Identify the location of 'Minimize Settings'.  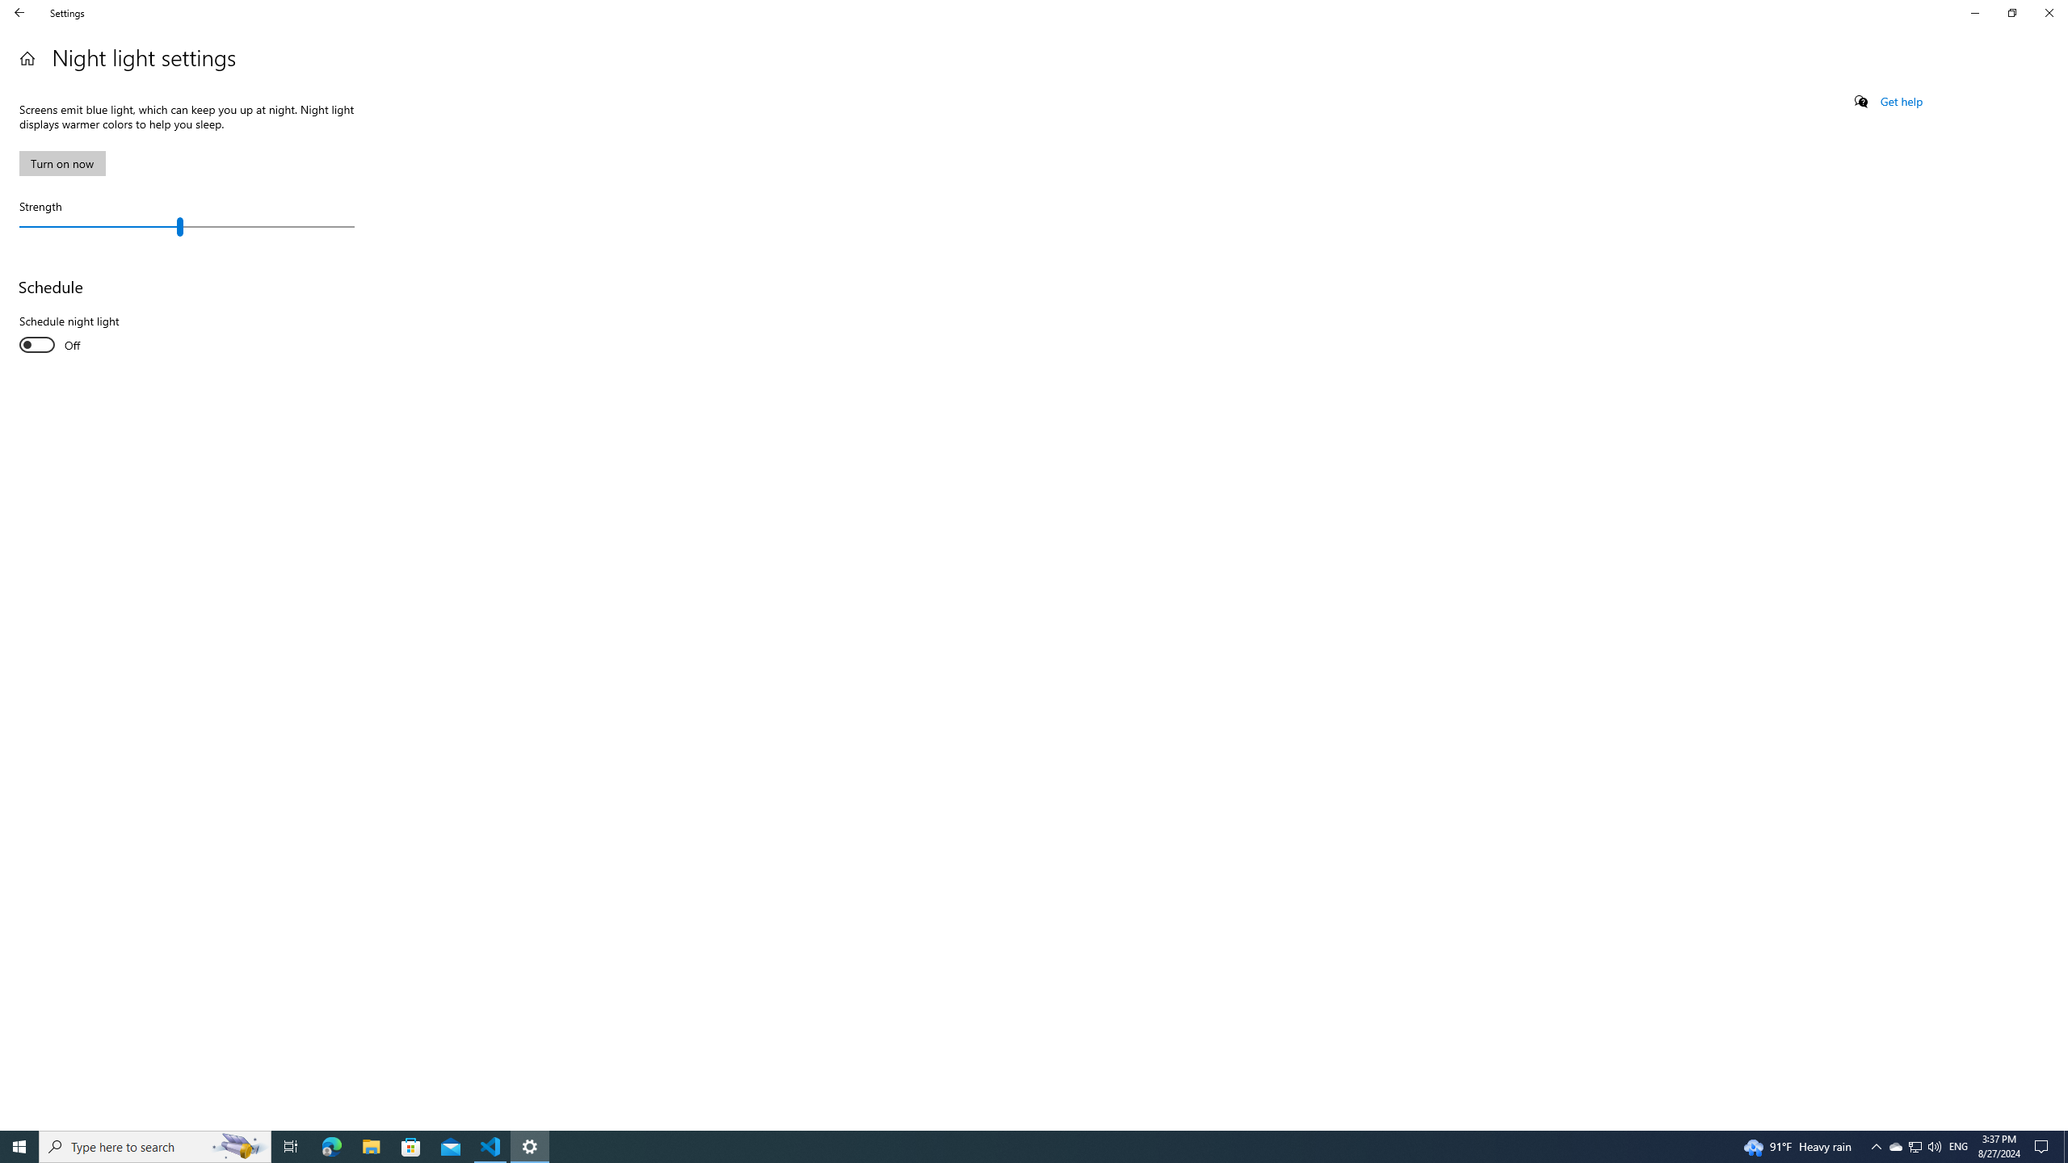
(1973, 12).